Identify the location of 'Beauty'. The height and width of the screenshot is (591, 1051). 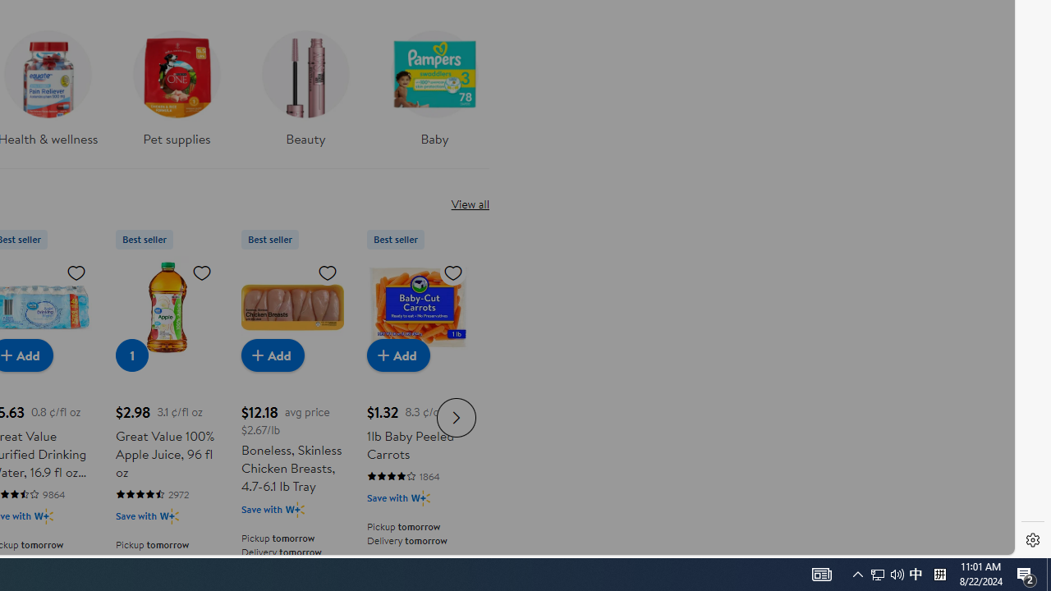
(305, 94).